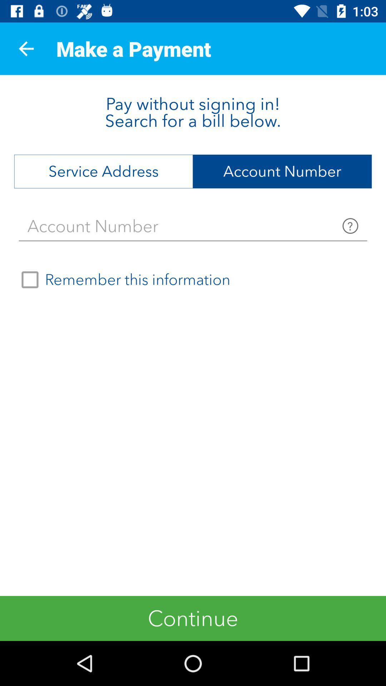  Describe the element at coordinates (103, 171) in the screenshot. I see `icon below the pay without signing item` at that location.